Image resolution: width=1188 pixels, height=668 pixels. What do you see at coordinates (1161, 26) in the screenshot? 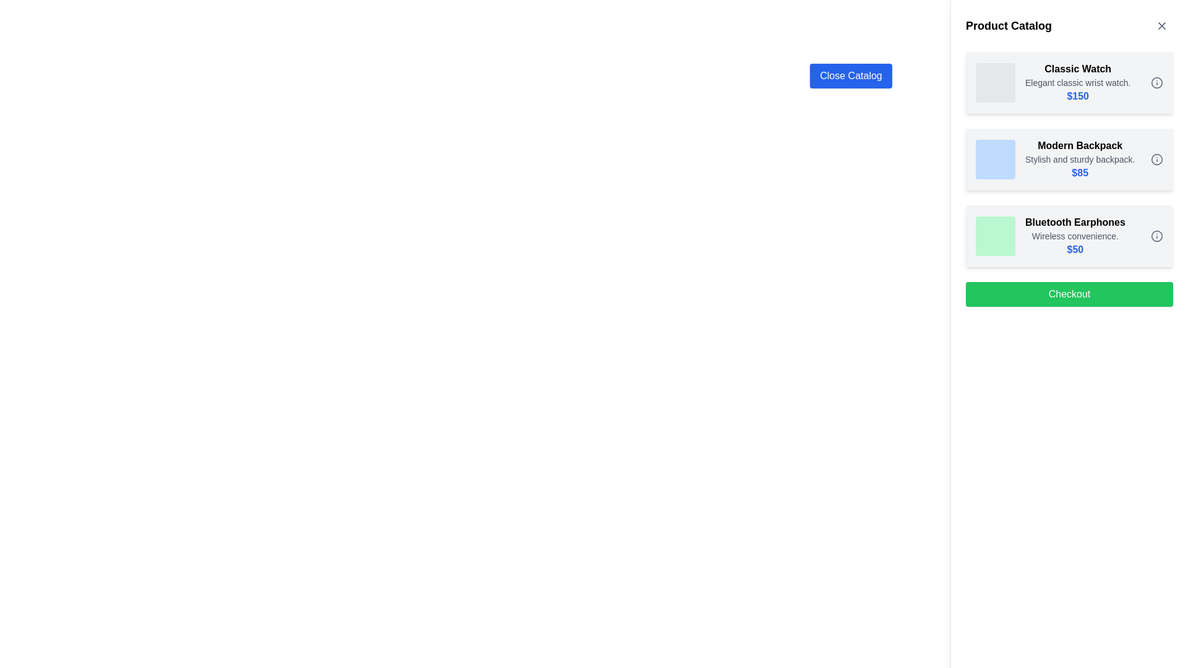
I see `the close button icon (represented by an 'X') located in the top-right corner of the 'Product Catalog' sidebar` at bounding box center [1161, 26].